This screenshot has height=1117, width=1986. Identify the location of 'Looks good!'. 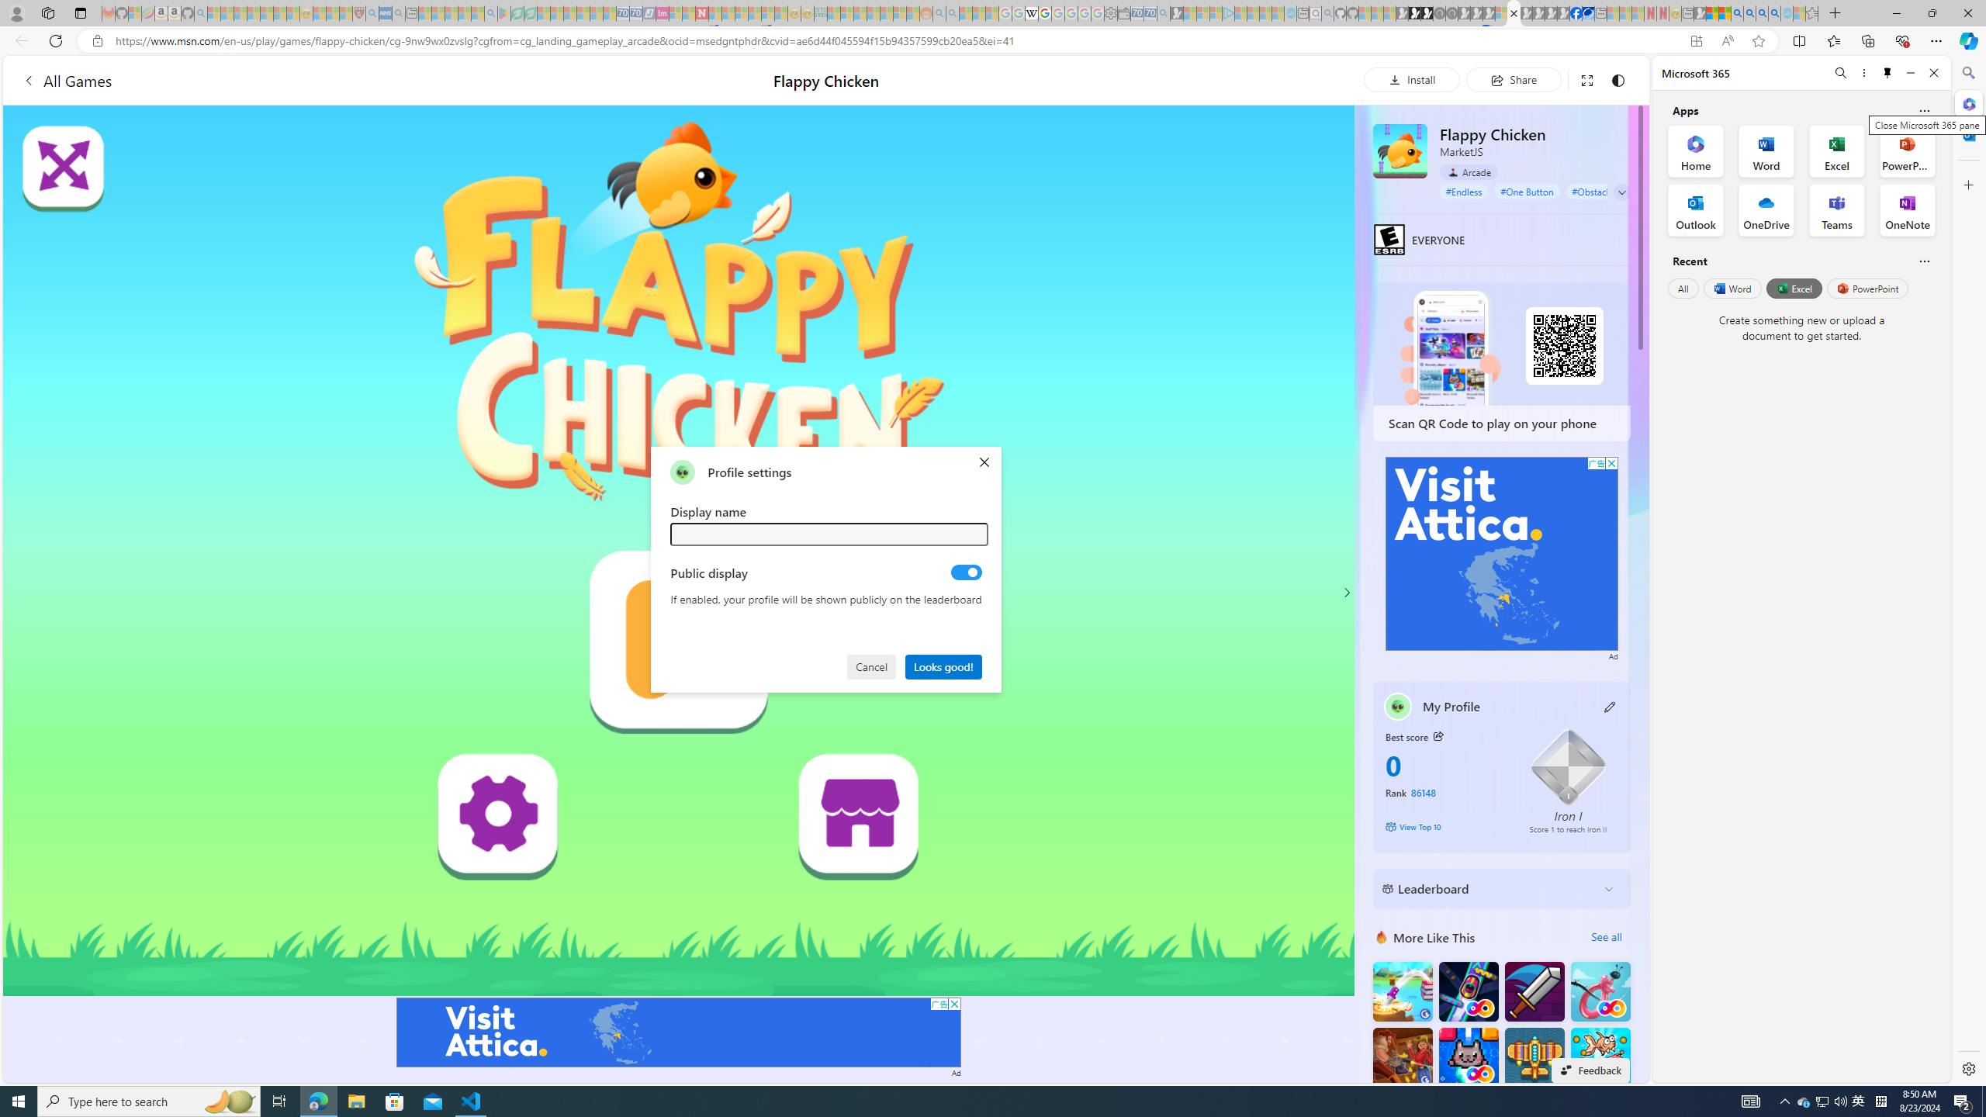
(943, 665).